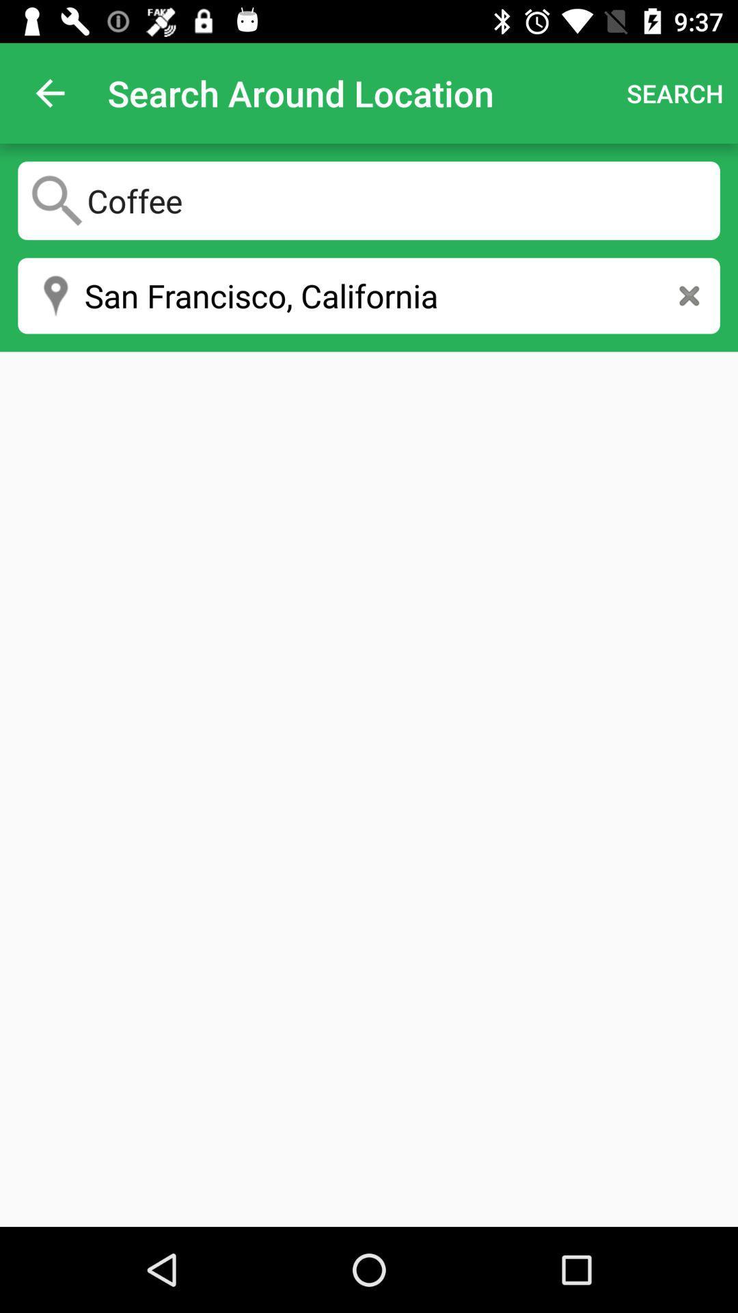  What do you see at coordinates (369, 295) in the screenshot?
I see `san francisco, california icon` at bounding box center [369, 295].